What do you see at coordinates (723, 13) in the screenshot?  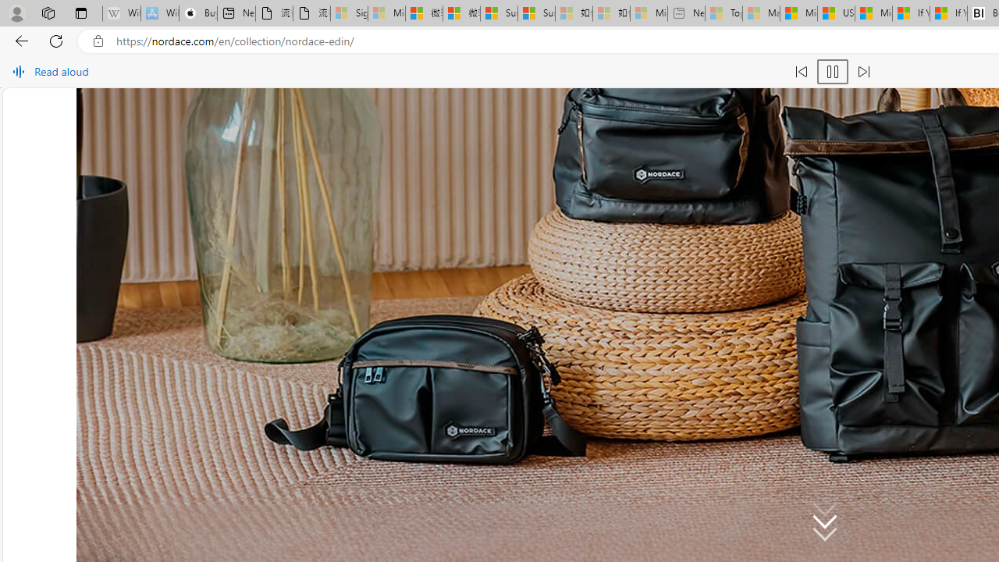 I see `'Top Stories - MSN - Sleeping'` at bounding box center [723, 13].